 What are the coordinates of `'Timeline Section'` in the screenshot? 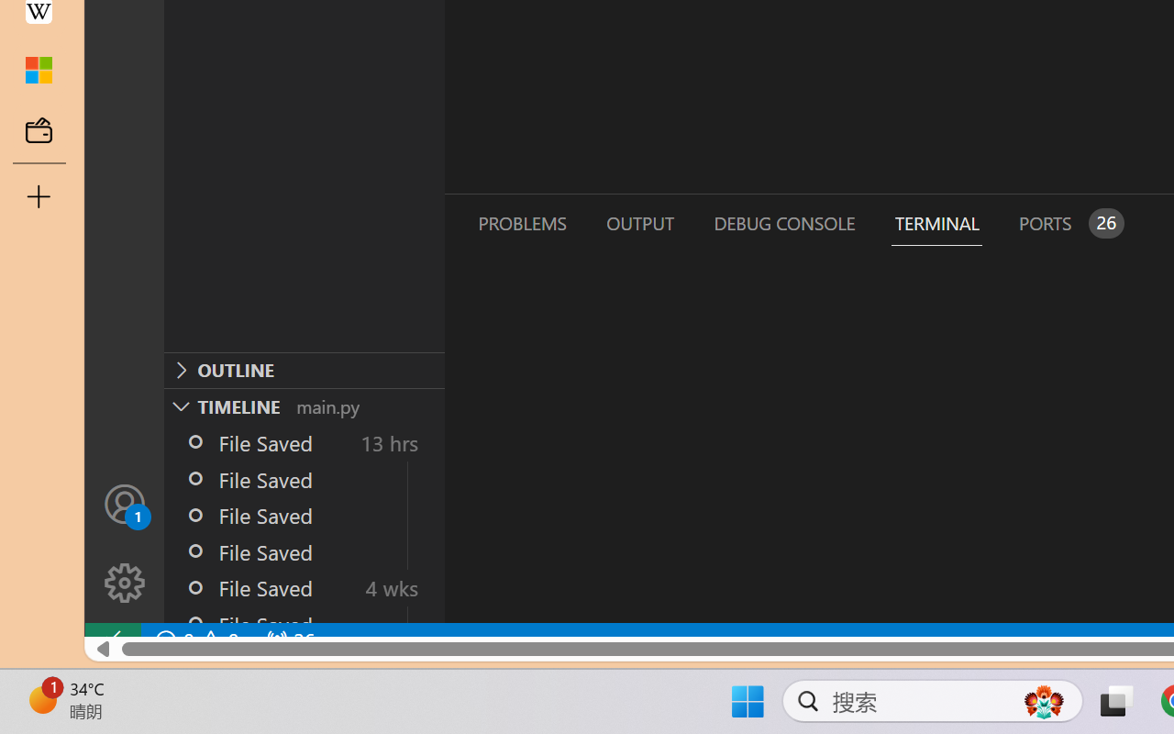 It's located at (304, 405).